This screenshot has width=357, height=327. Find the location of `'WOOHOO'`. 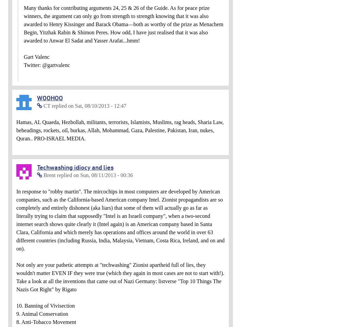

'WOOHOO' is located at coordinates (50, 98).